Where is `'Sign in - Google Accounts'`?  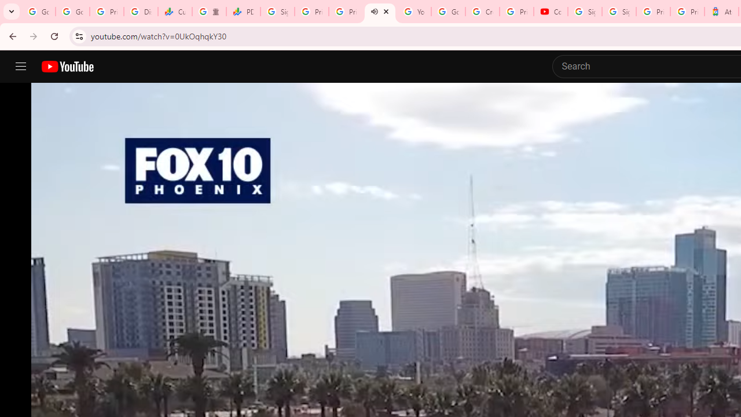
'Sign in - Google Accounts' is located at coordinates (618, 12).